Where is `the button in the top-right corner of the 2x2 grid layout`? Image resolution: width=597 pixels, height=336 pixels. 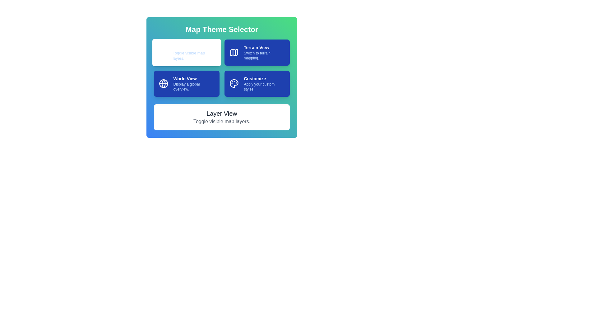
the button in the top-right corner of the 2x2 grid layout is located at coordinates (257, 52).